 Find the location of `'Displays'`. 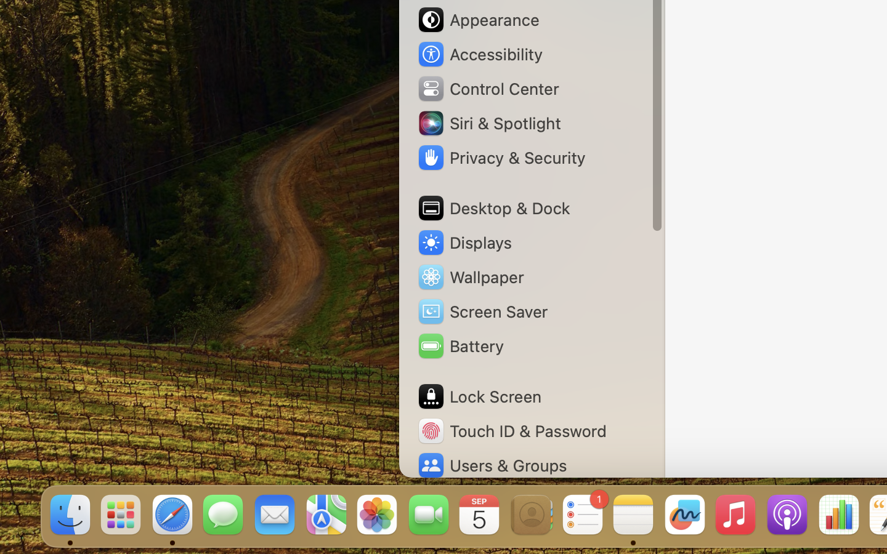

'Displays' is located at coordinates (463, 243).